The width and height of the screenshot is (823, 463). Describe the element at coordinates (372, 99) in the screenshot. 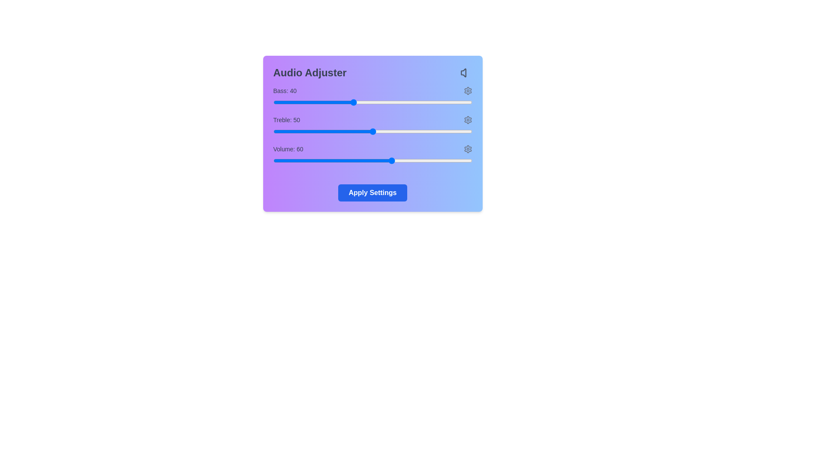

I see `bass` at that location.